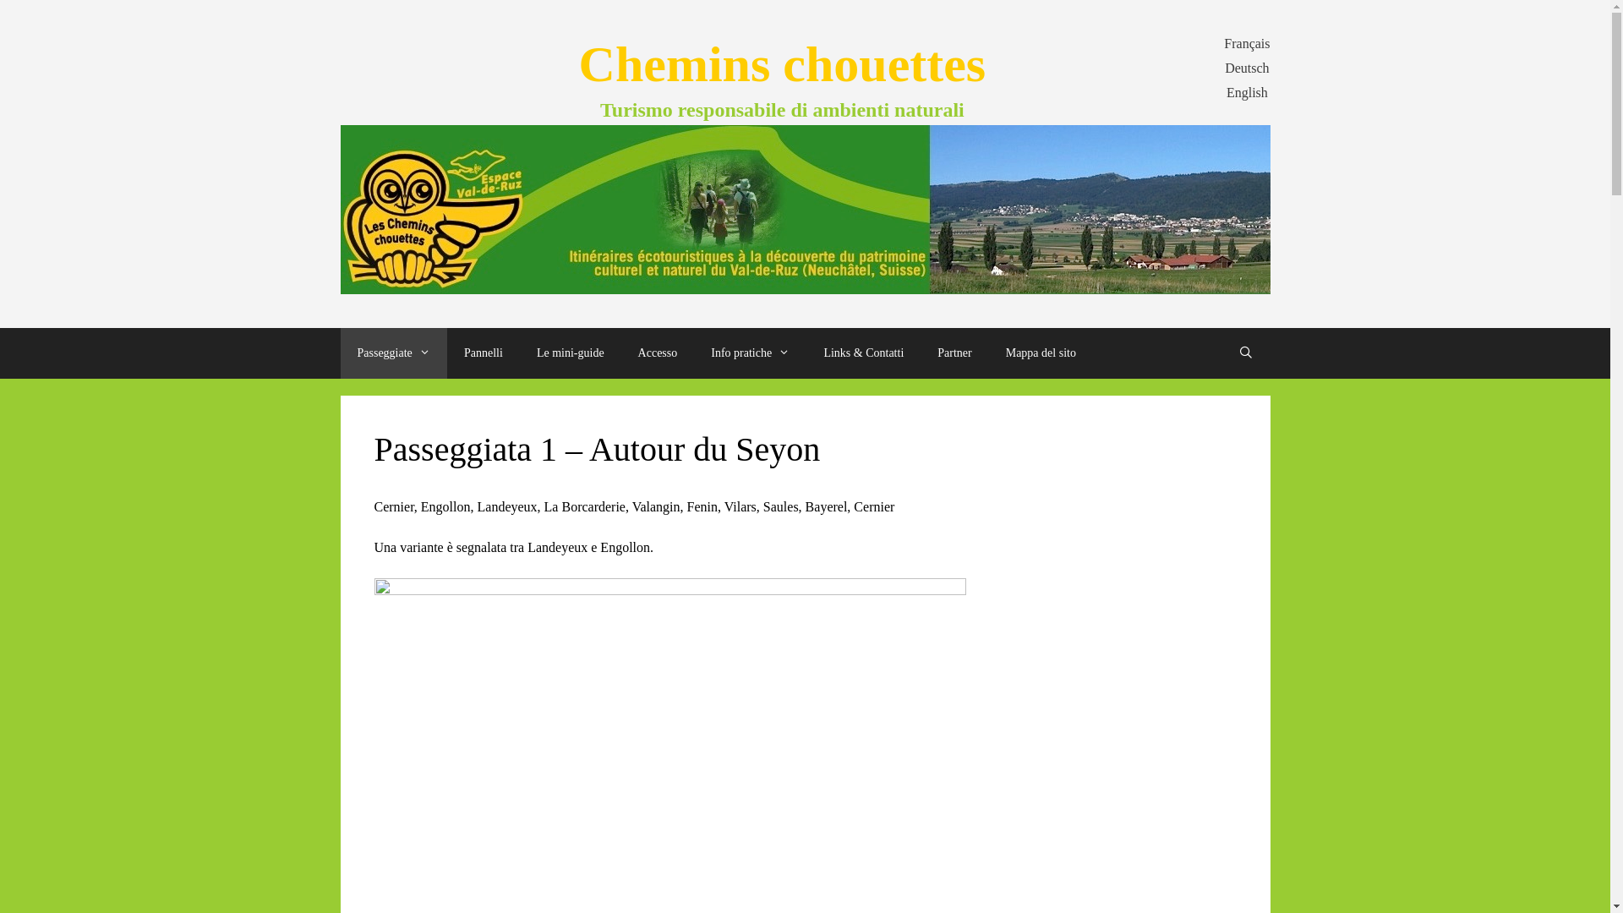 The image size is (1623, 913). I want to click on 'English', so click(1226, 92).